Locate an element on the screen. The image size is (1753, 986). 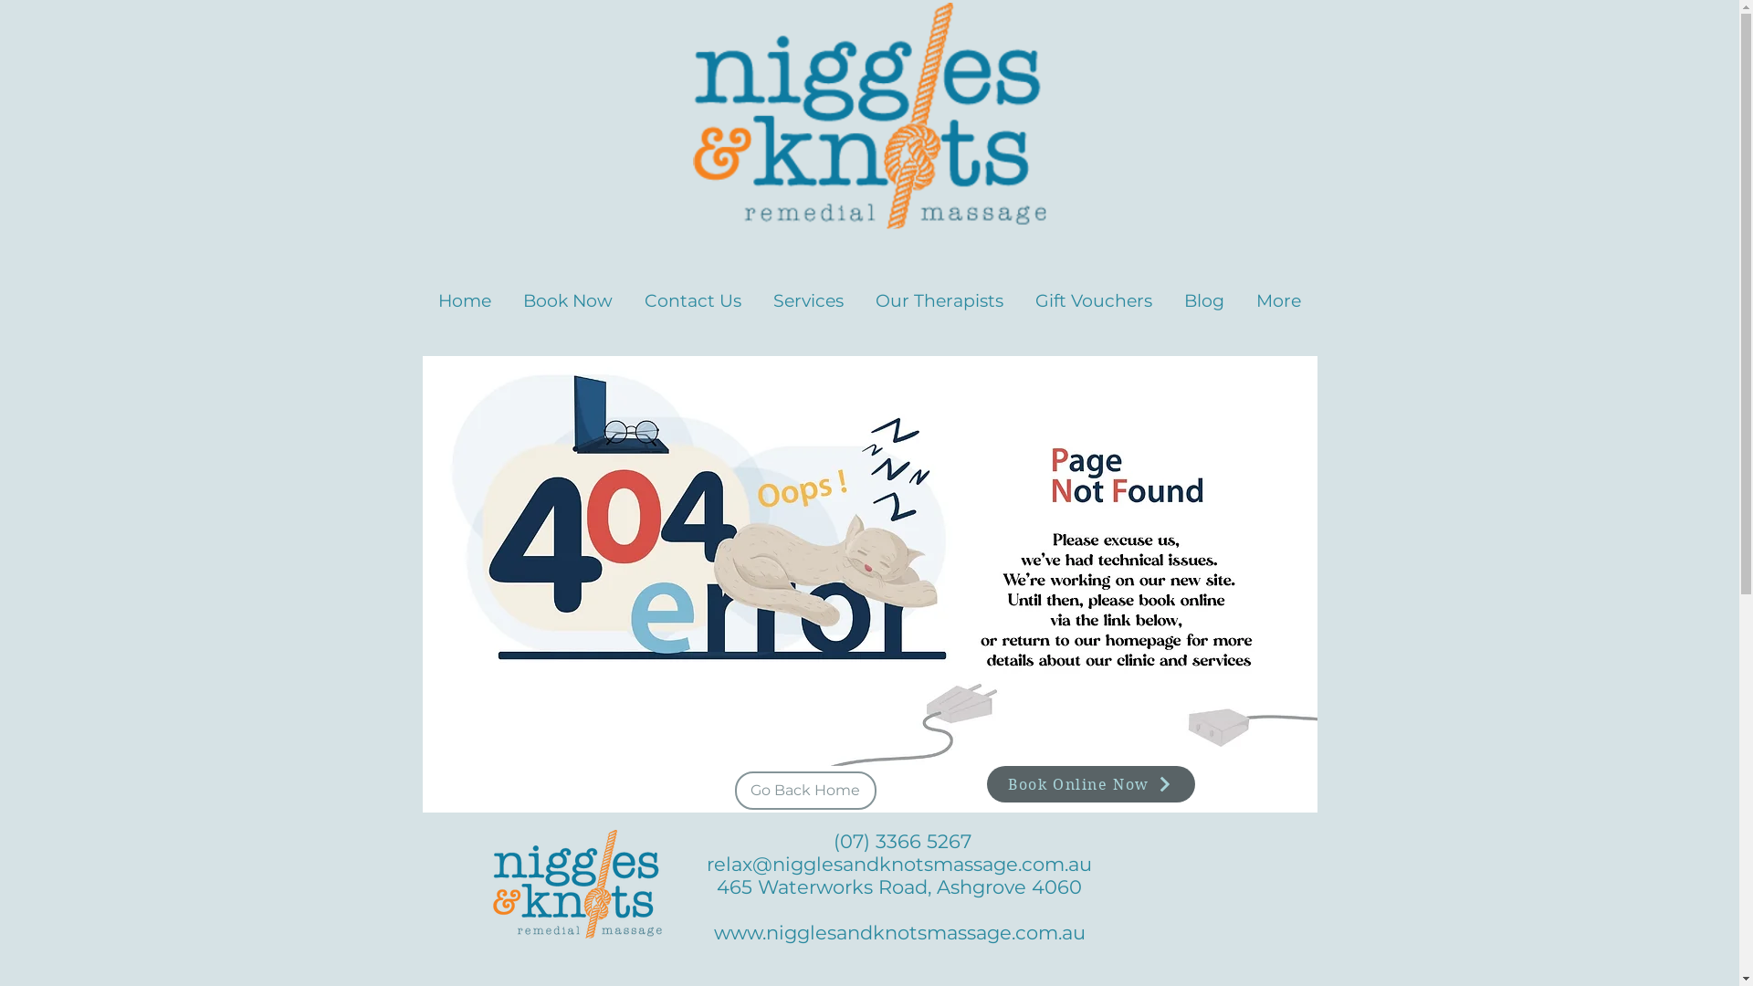
'Contact Us' is located at coordinates (691, 291).